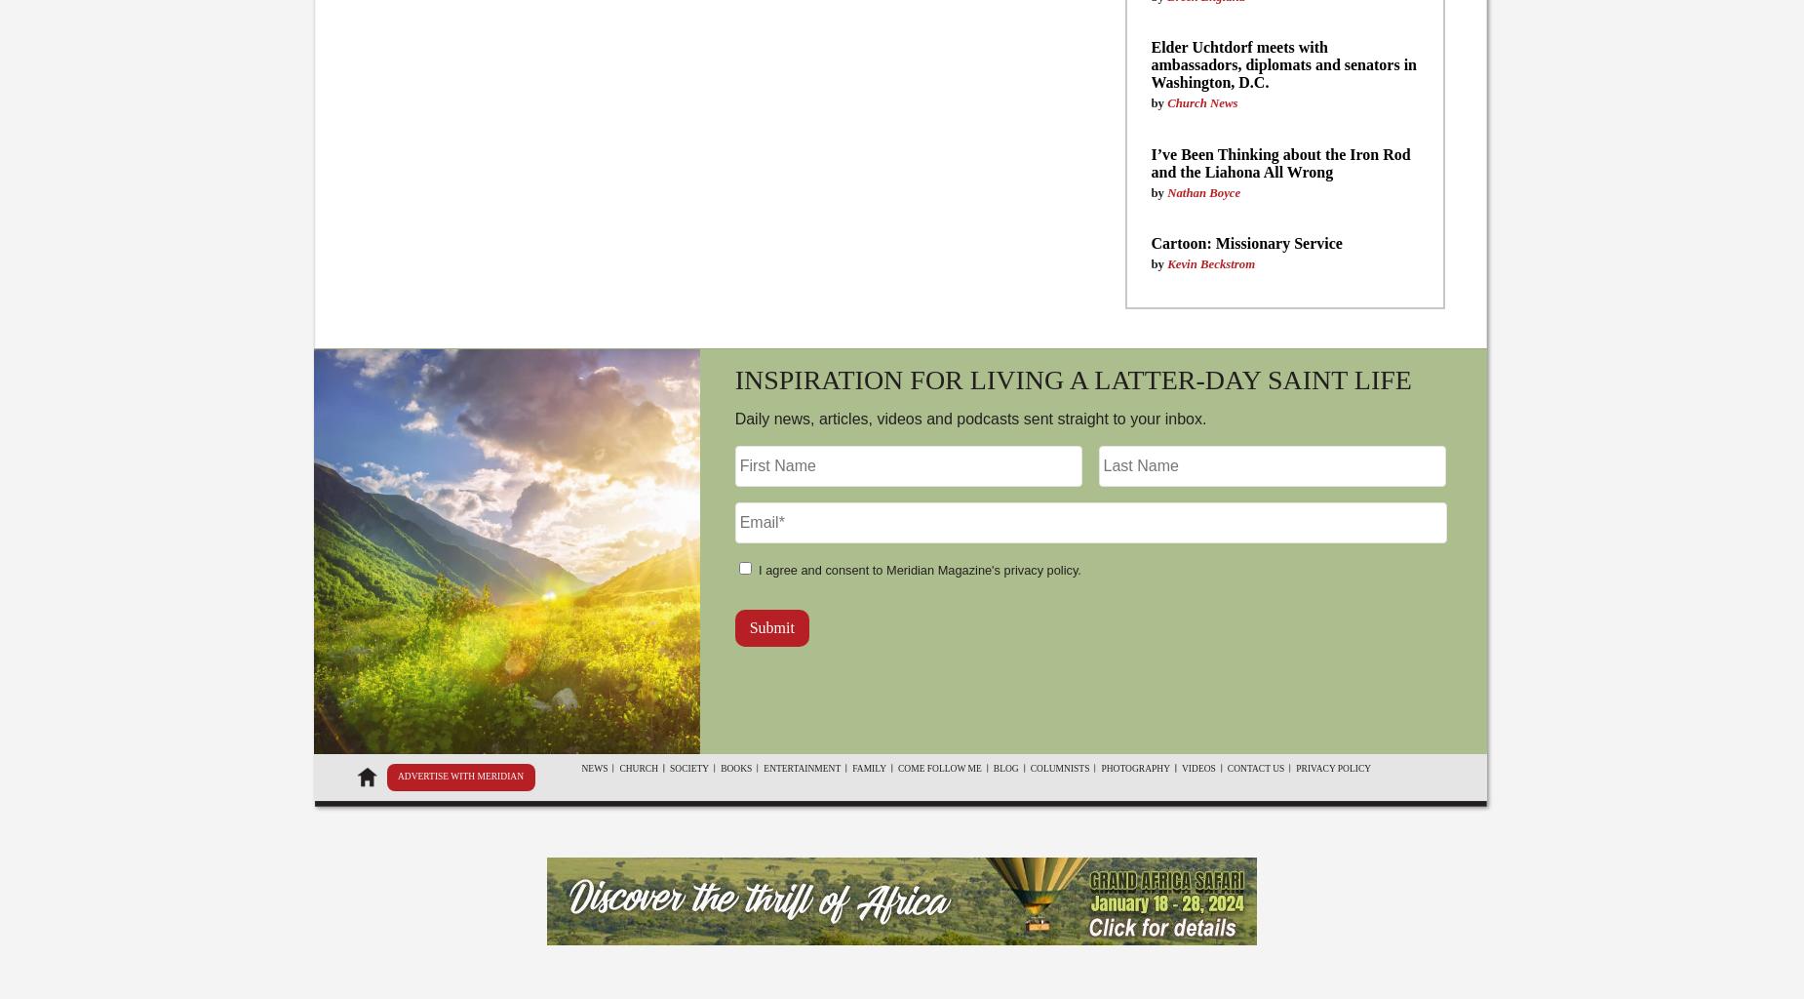 This screenshot has width=1804, height=999. What do you see at coordinates (758, 568) in the screenshot?
I see `'I agree and consent to Meridian Magazine's privacy policy.'` at bounding box center [758, 568].